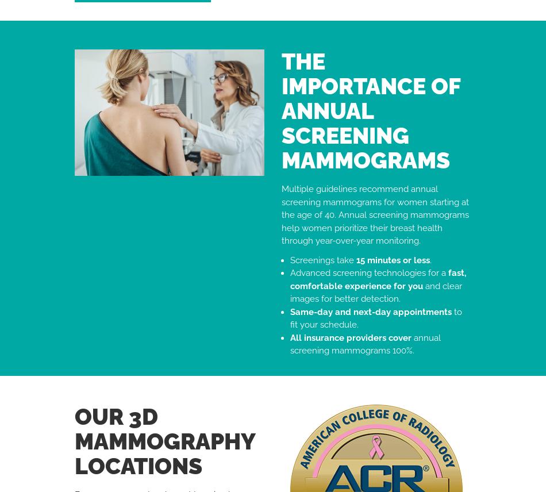 Image resolution: width=546 pixels, height=492 pixels. What do you see at coordinates (351, 337) in the screenshot?
I see `'All insurance providers cover'` at bounding box center [351, 337].